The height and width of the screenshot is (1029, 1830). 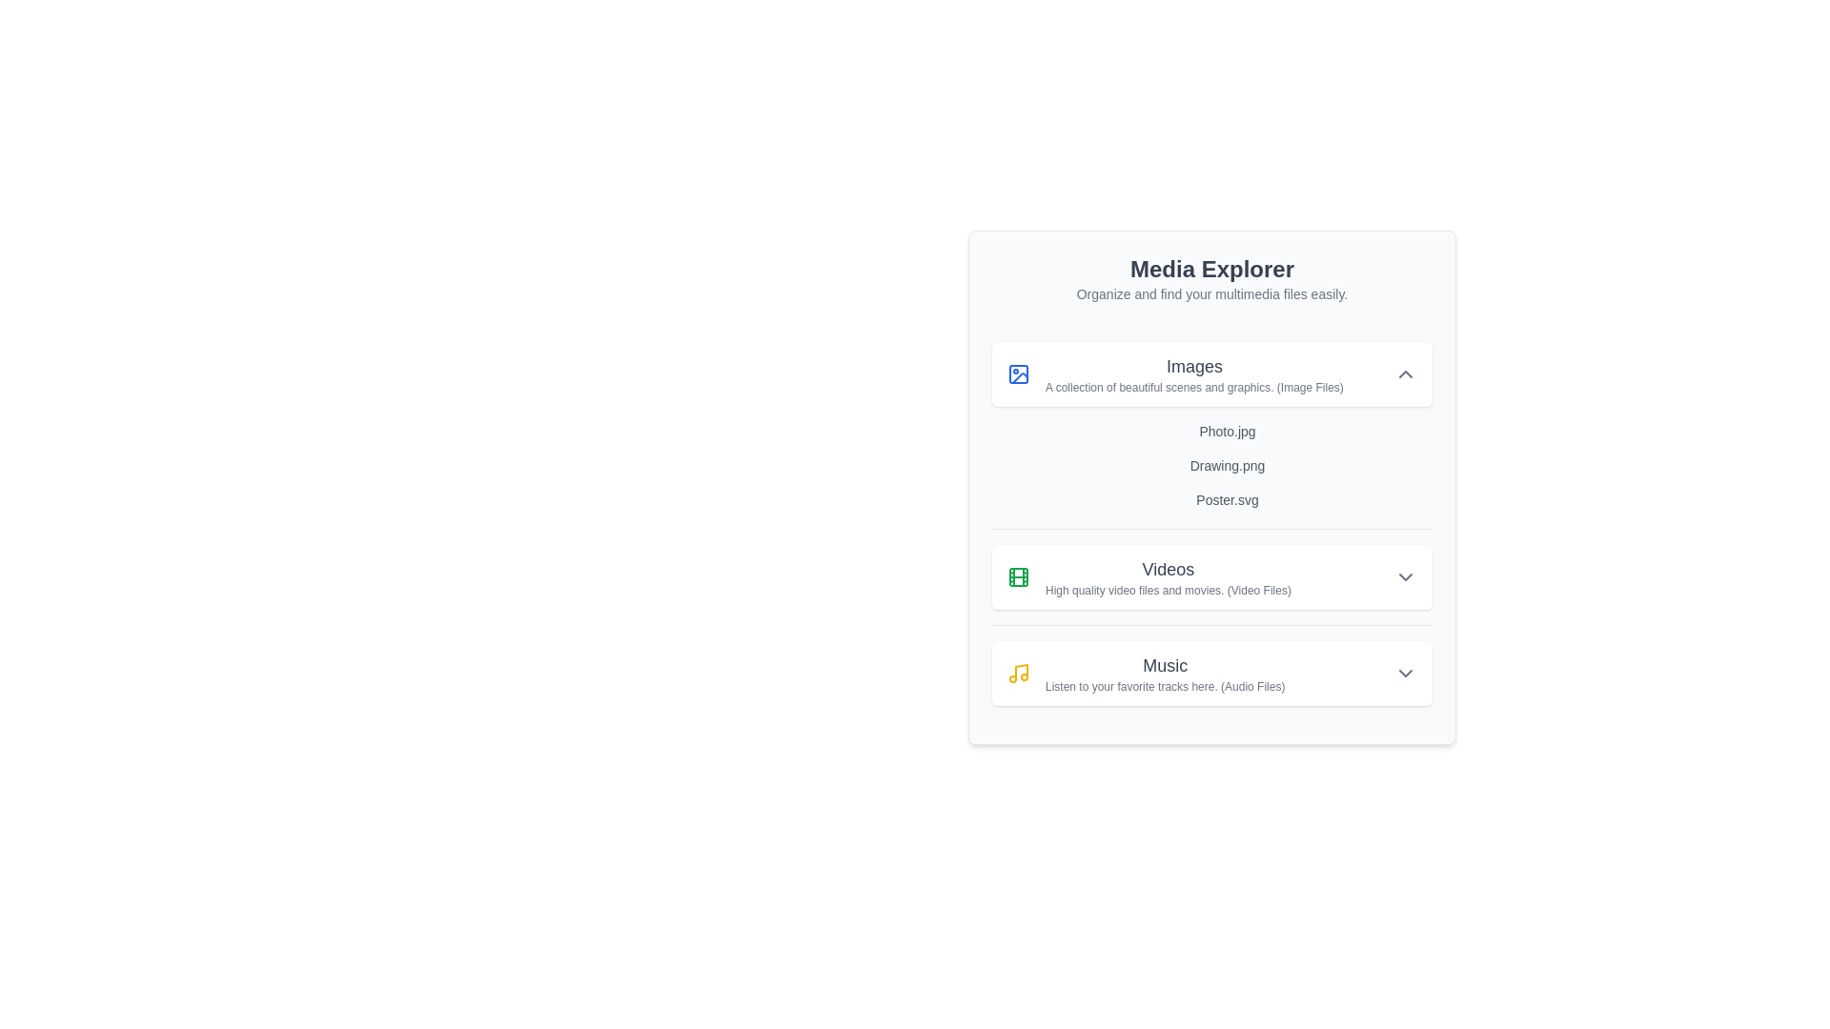 I want to click on the text label that says 'Listen to your favorite tracks here. (Audio Files)', which is styled in a small gray font and positioned below the larger header labeled 'Music', so click(x=1164, y=687).